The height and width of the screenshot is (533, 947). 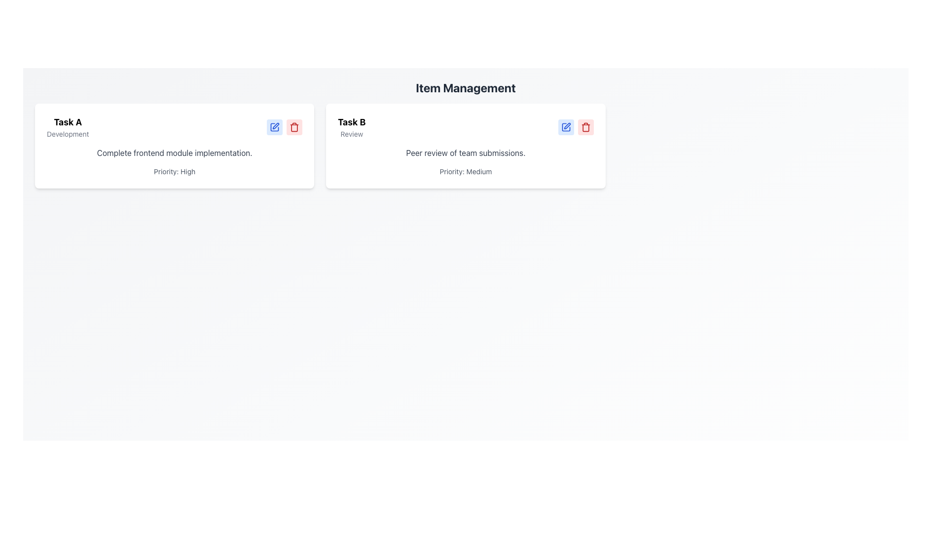 What do you see at coordinates (294, 127) in the screenshot?
I see `the small red trash bin icon located in the control section of the 'Task A' card` at bounding box center [294, 127].